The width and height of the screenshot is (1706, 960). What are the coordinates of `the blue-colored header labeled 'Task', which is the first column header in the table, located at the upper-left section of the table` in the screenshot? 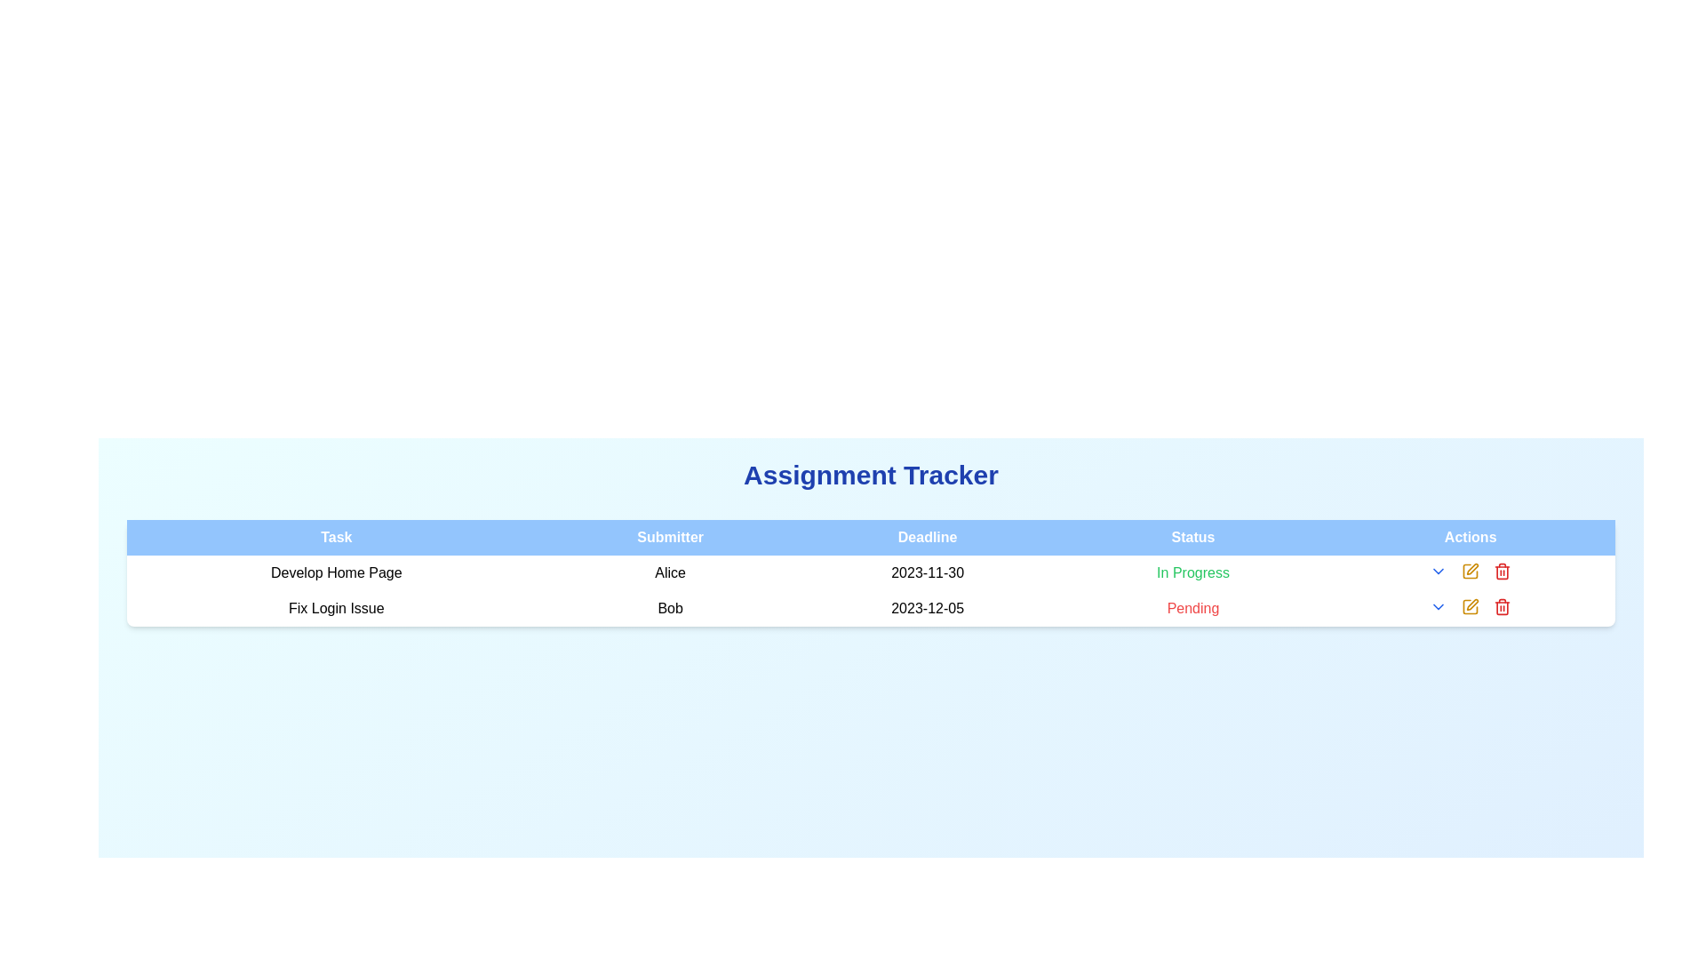 It's located at (336, 537).